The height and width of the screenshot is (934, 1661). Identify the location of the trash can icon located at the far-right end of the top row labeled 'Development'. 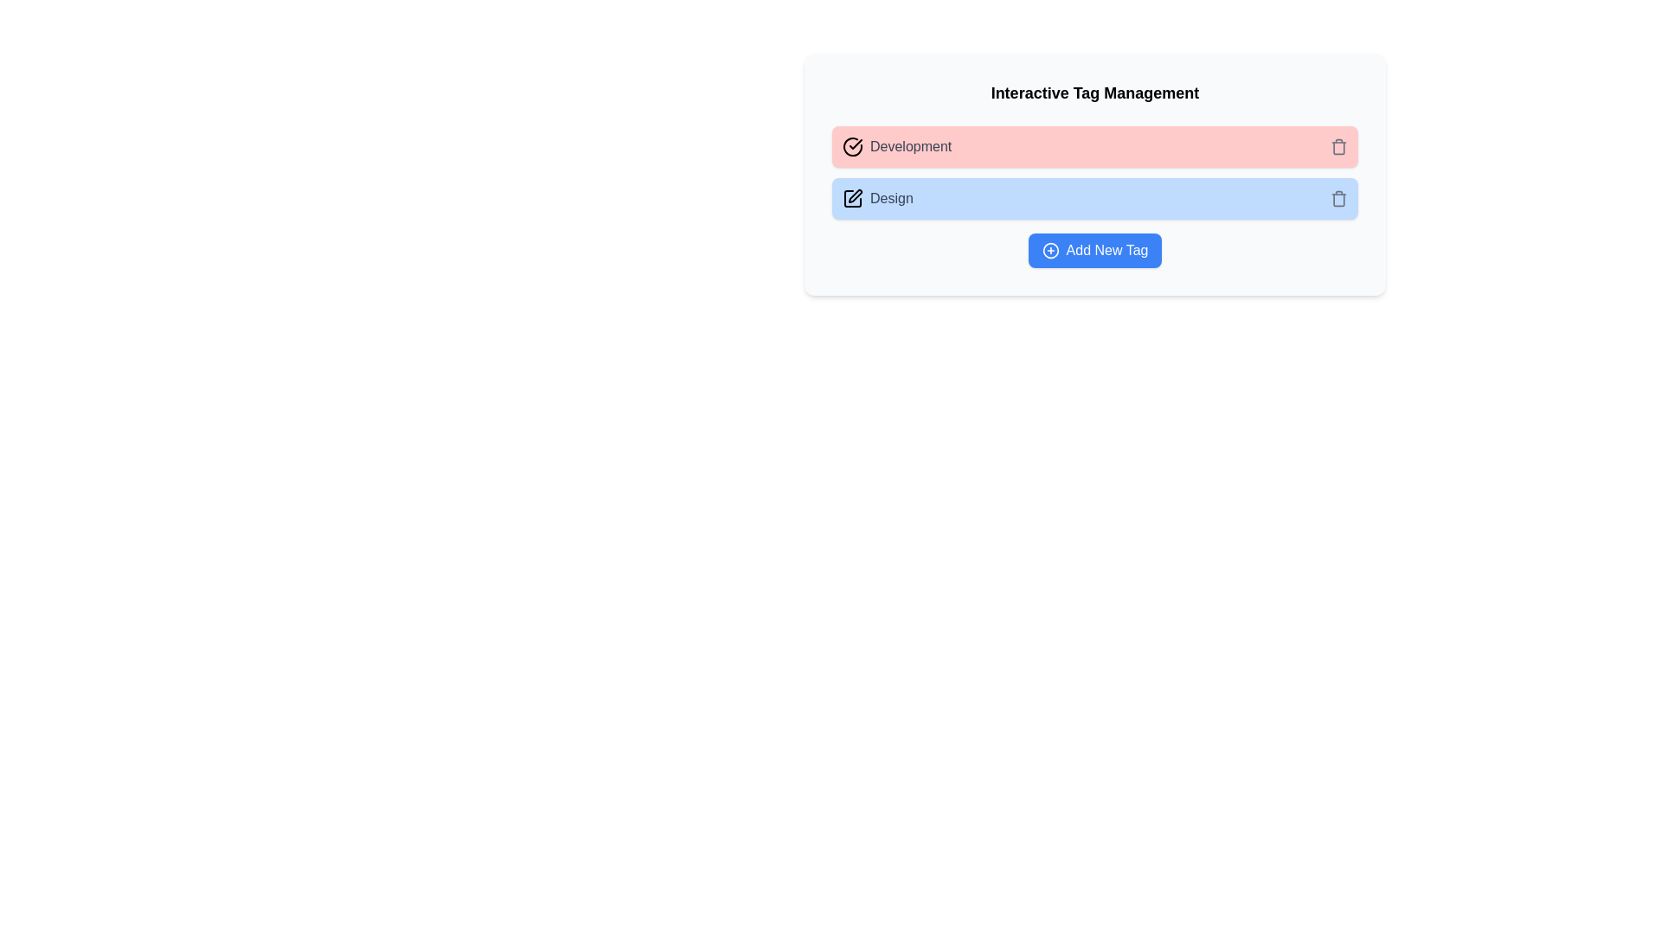
(1338, 146).